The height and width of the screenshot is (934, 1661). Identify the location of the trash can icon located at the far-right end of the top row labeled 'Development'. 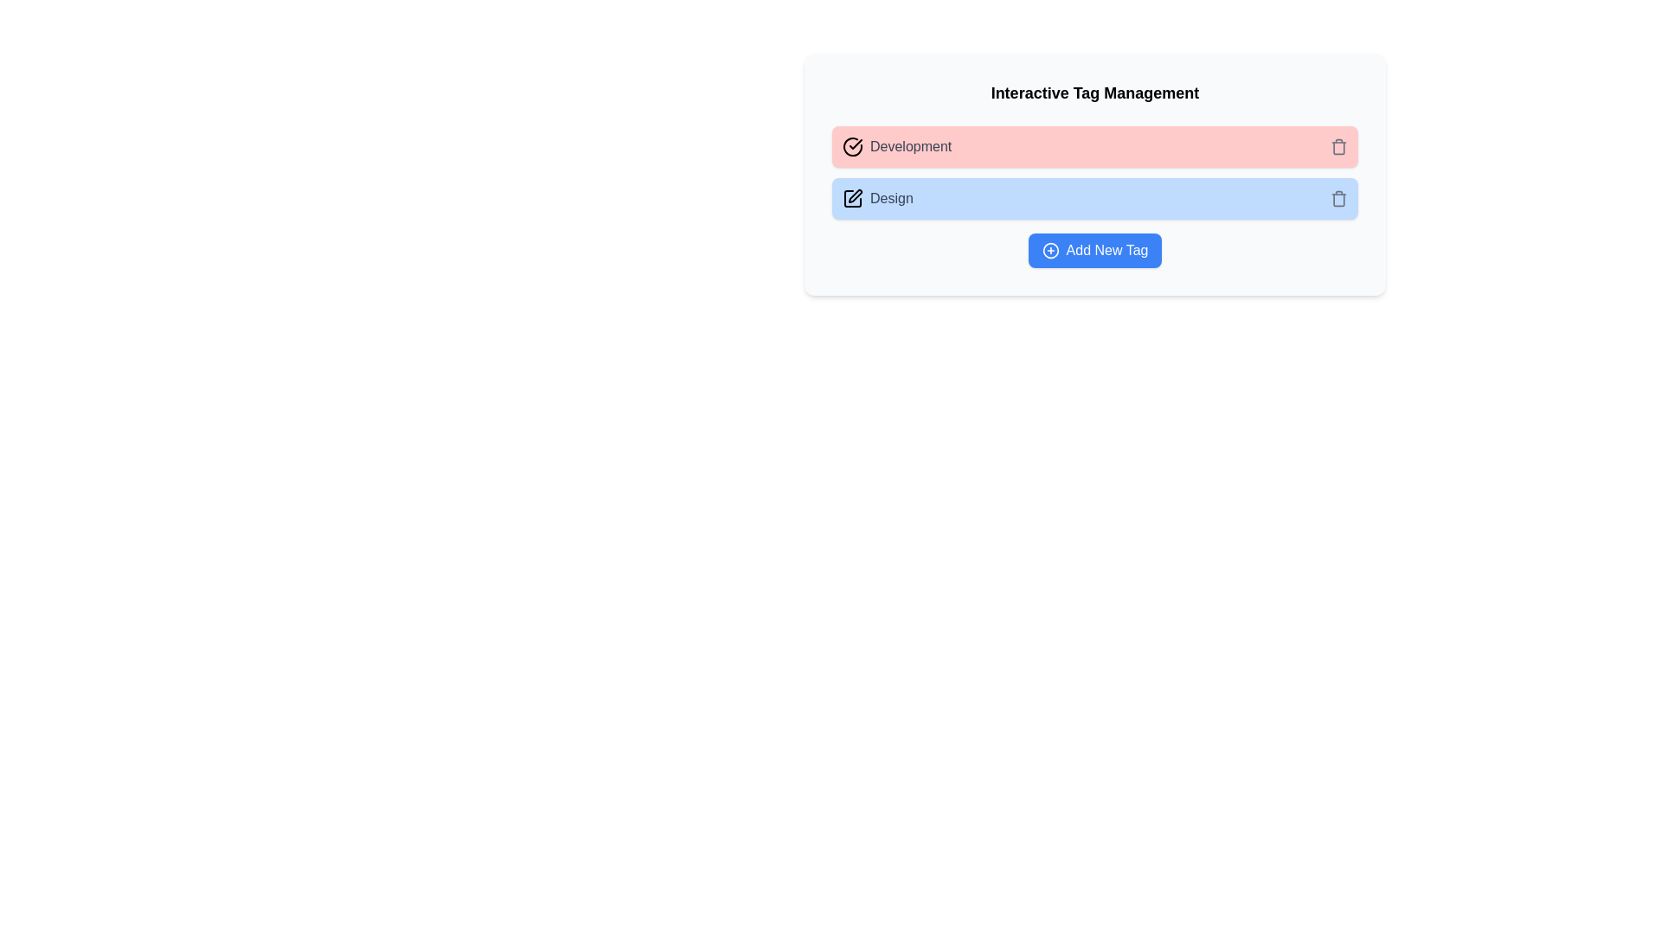
(1338, 146).